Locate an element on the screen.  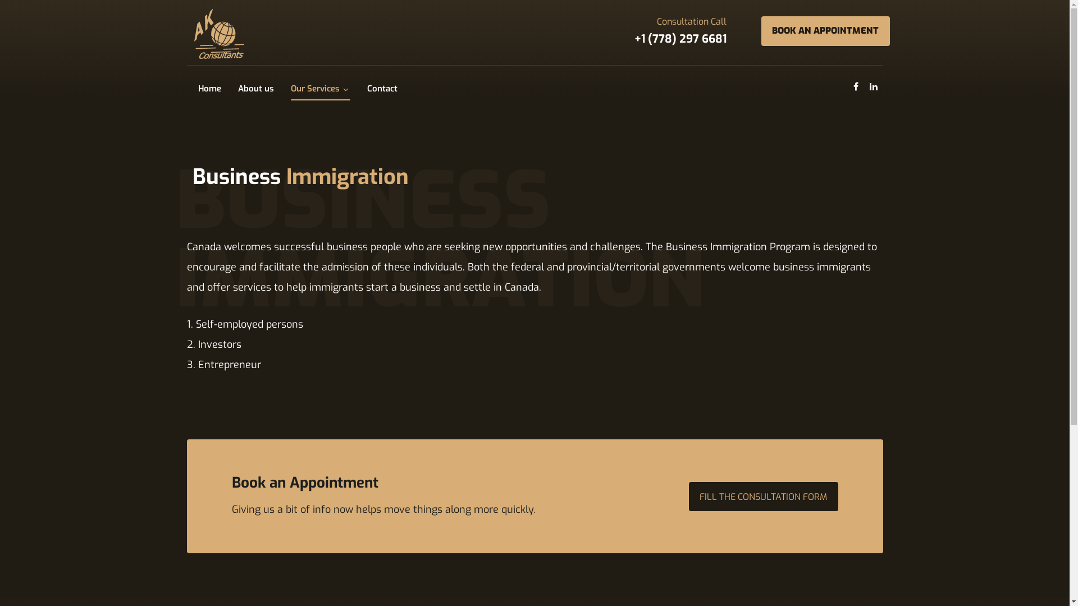
'FILL THE CONSULTATION FORM' is located at coordinates (763, 495).